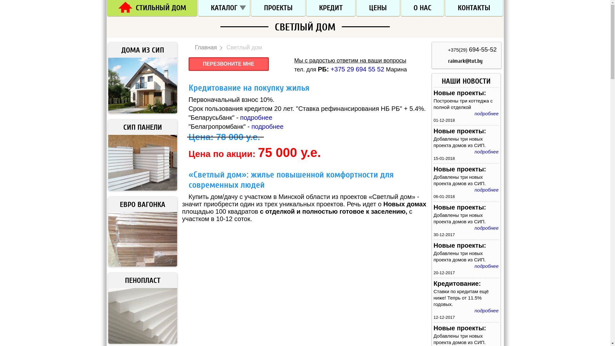 The image size is (615, 346). What do you see at coordinates (465, 61) in the screenshot?
I see `'raimark@tut.by'` at bounding box center [465, 61].